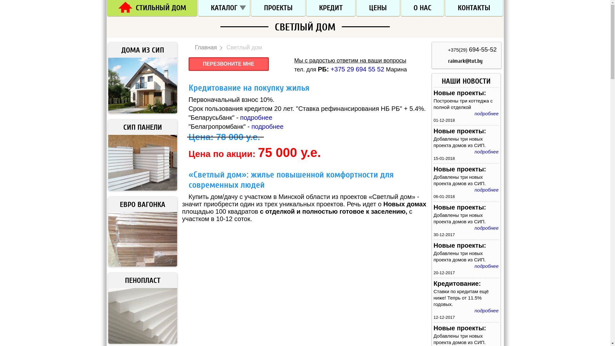 The image size is (615, 346). What do you see at coordinates (465, 61) in the screenshot?
I see `'raimark@tut.by'` at bounding box center [465, 61].